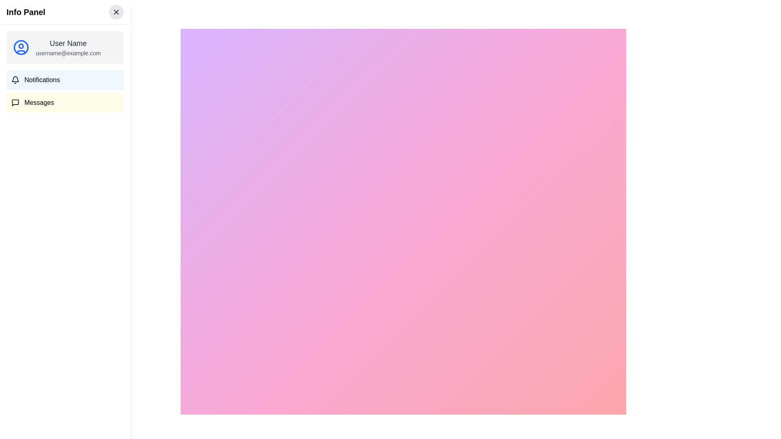  Describe the element at coordinates (21, 46) in the screenshot. I see `the decorative shape within the user icon, which represents a feature of the face or head, located slightly above the center of the larger circular user icon` at that location.